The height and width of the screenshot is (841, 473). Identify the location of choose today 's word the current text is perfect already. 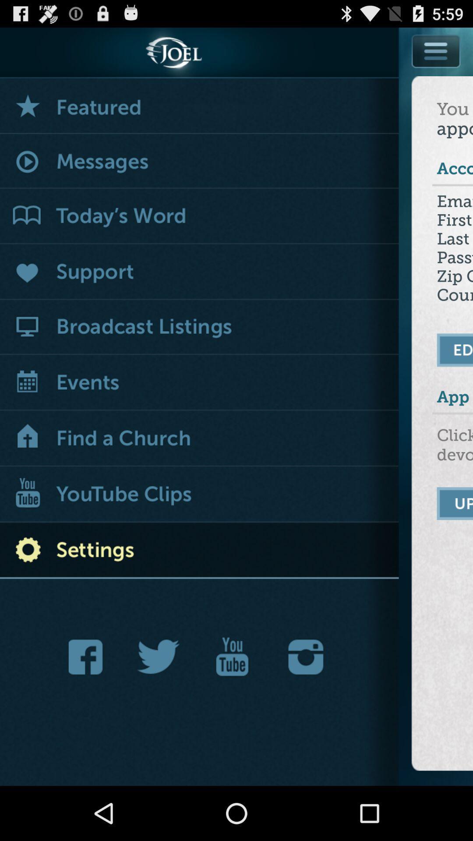
(199, 216).